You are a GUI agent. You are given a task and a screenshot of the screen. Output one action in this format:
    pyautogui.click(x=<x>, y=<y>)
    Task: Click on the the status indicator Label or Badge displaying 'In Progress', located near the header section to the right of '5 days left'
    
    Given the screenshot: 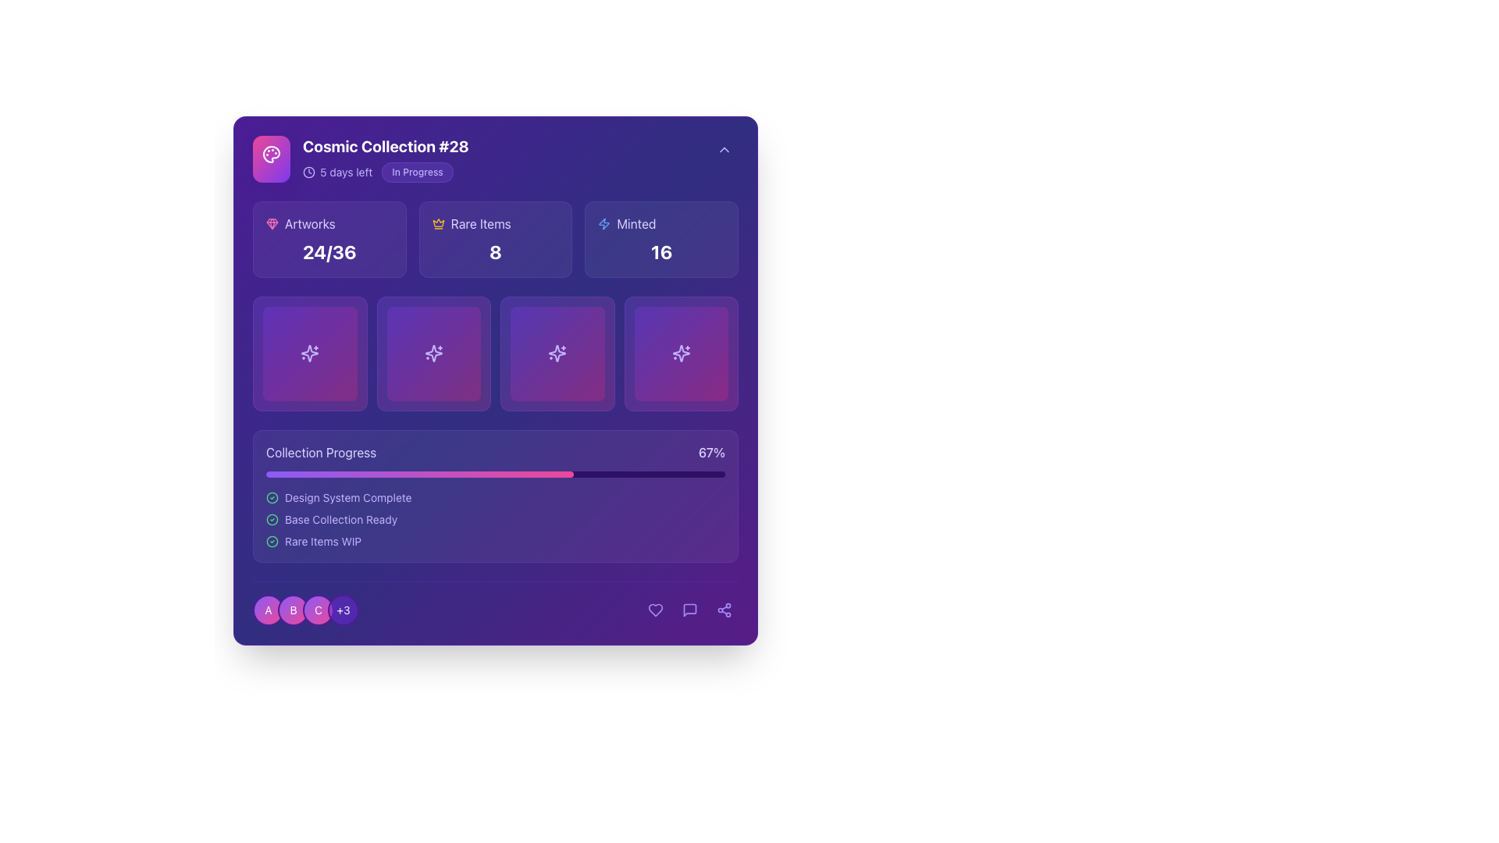 What is the action you would take?
    pyautogui.click(x=418, y=172)
    